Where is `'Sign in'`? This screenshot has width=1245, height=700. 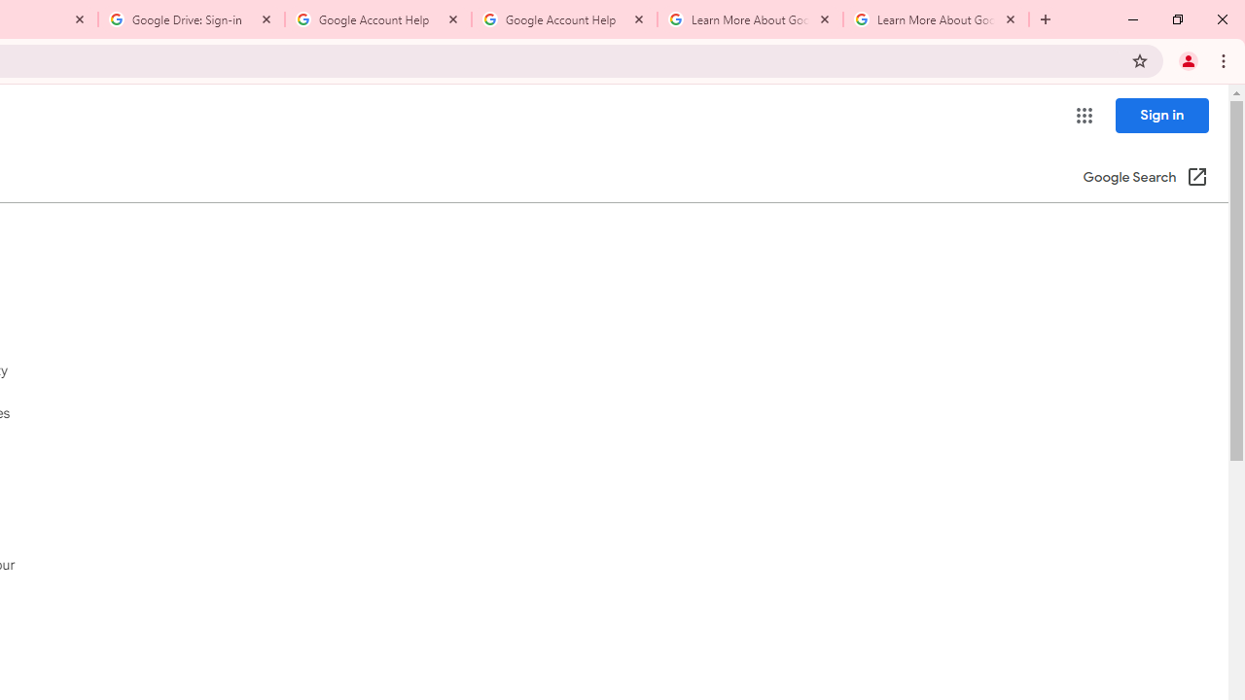 'Sign in' is located at coordinates (1161, 115).